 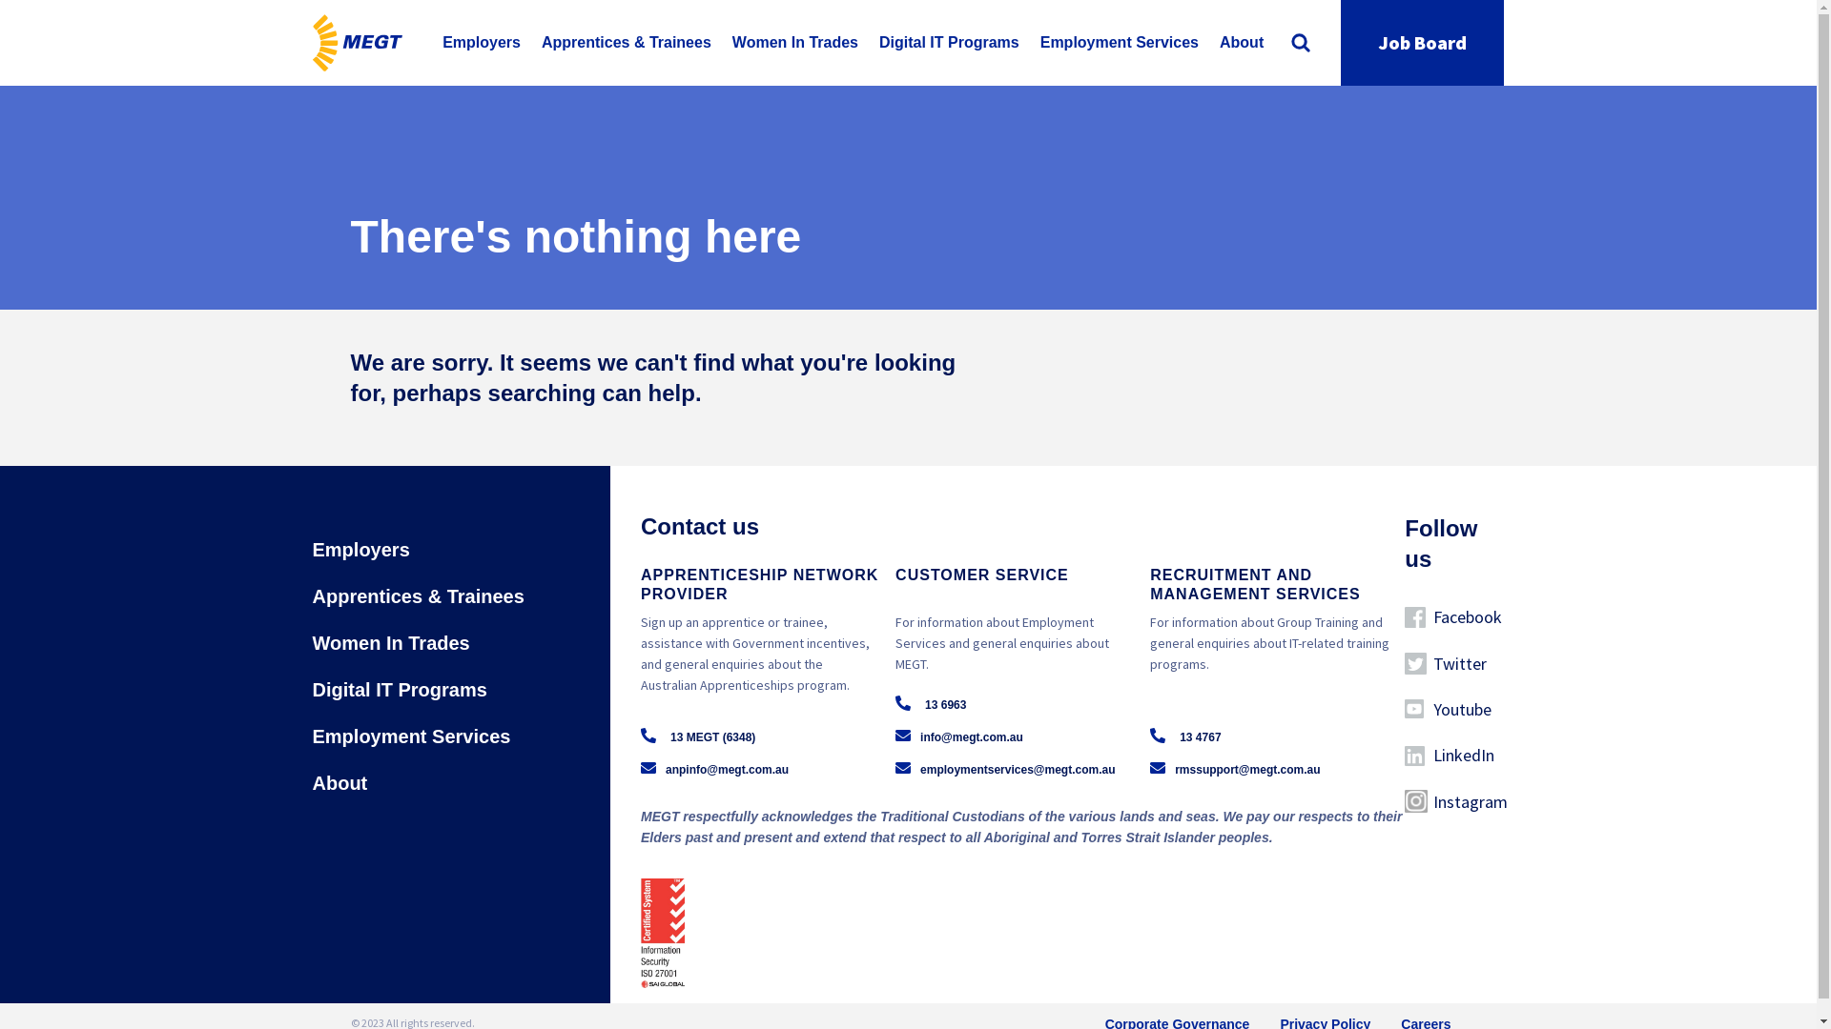 What do you see at coordinates (1453, 709) in the screenshot?
I see `'Youtube'` at bounding box center [1453, 709].